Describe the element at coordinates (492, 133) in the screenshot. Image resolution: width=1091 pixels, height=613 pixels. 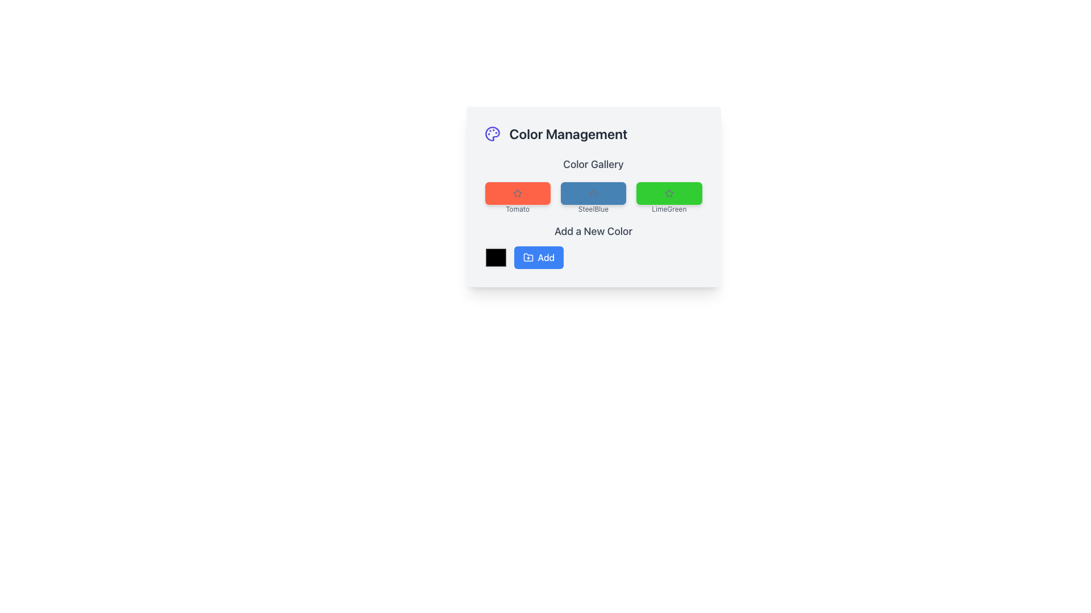
I see `the small indigo painter's palette icon located to the left of the 'Color Management' headline` at that location.